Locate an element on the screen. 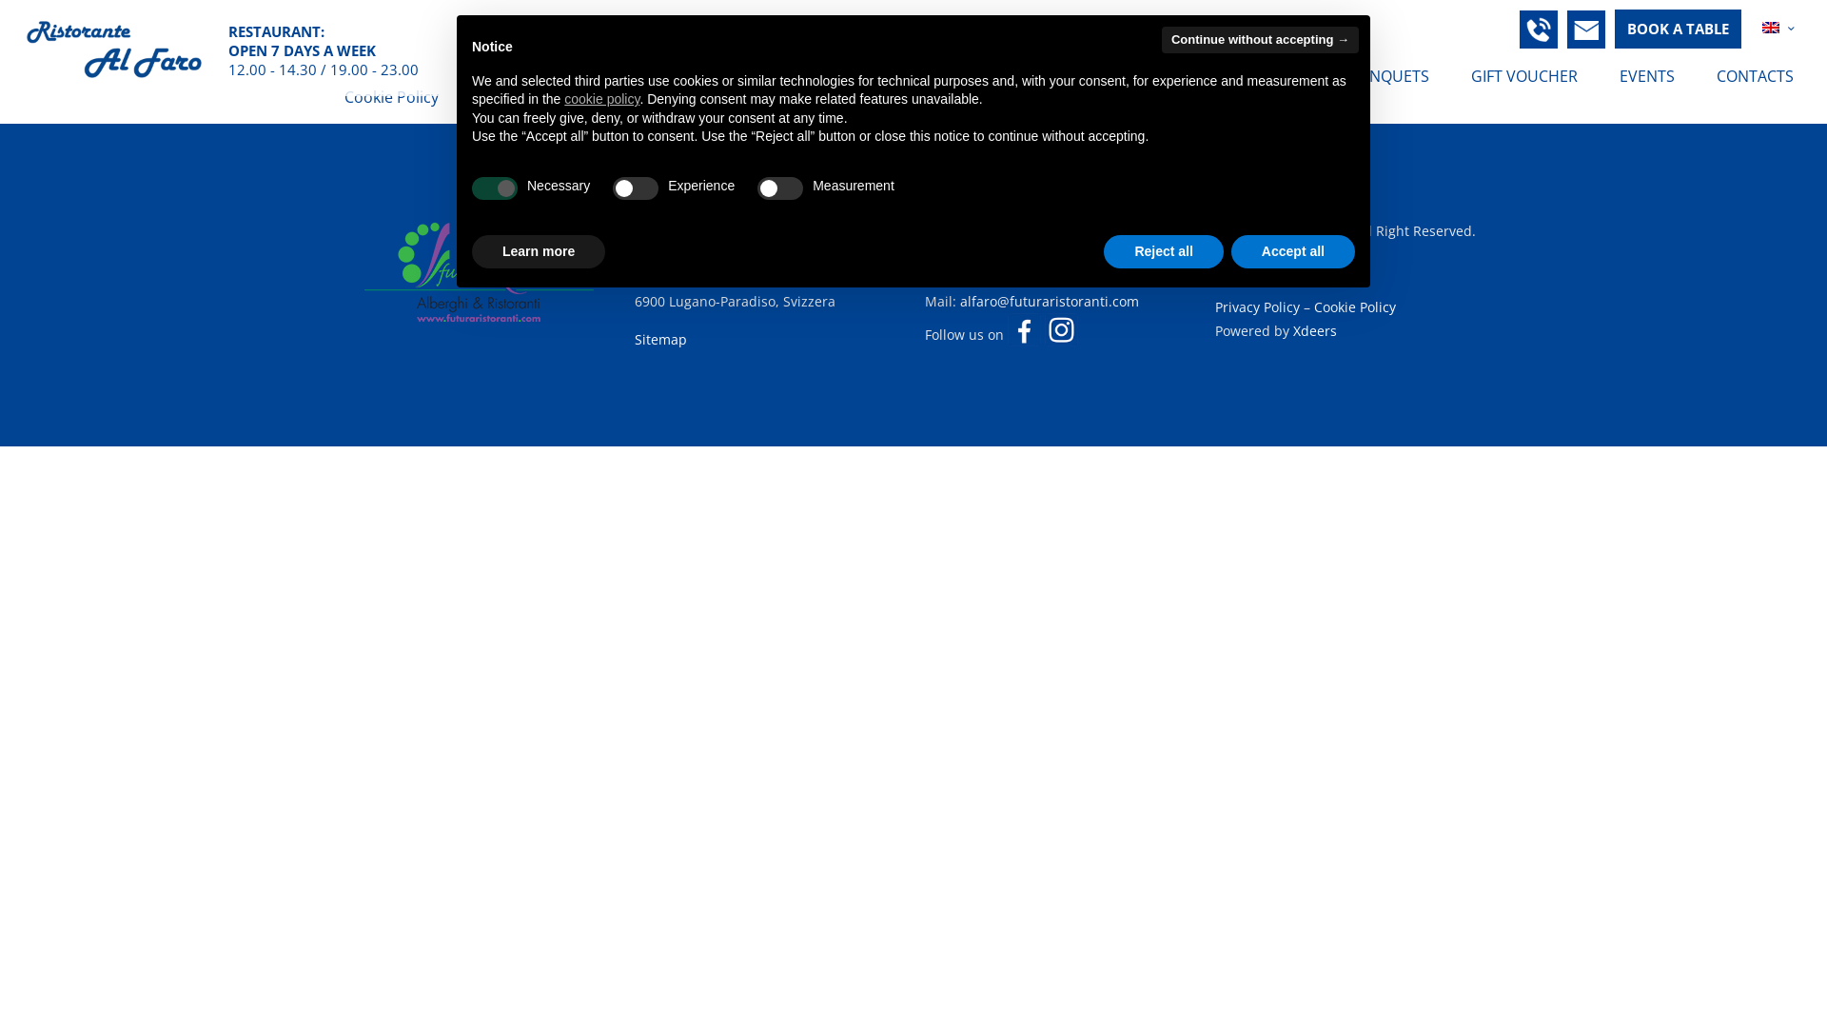 The height and width of the screenshot is (1028, 1827). 'BOOK A TABLE' is located at coordinates (1678, 29).